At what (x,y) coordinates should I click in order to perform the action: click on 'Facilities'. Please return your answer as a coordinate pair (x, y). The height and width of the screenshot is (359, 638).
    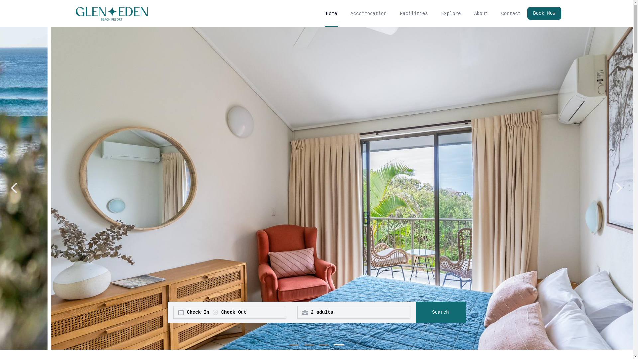
    Looking at the image, I should click on (399, 13).